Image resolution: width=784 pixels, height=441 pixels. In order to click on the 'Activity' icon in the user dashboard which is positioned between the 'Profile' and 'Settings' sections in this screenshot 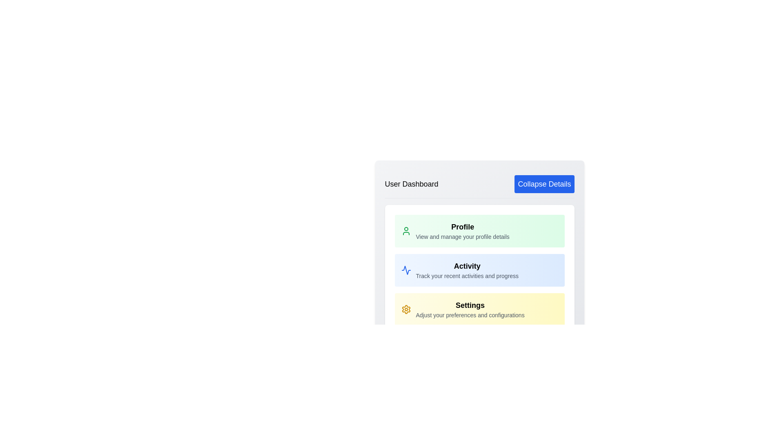, I will do `click(406, 270)`.